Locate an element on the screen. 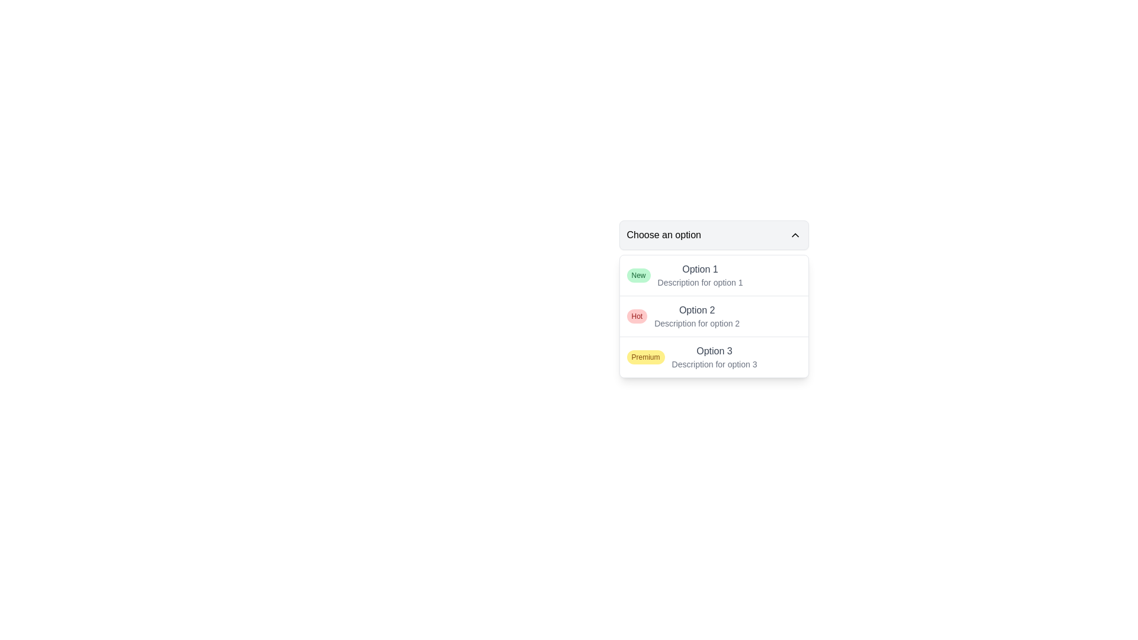  the 'New' badge with a green background and rounded edges, positioned to the left of 'Option 1' to understand its meaning is located at coordinates (638, 276).